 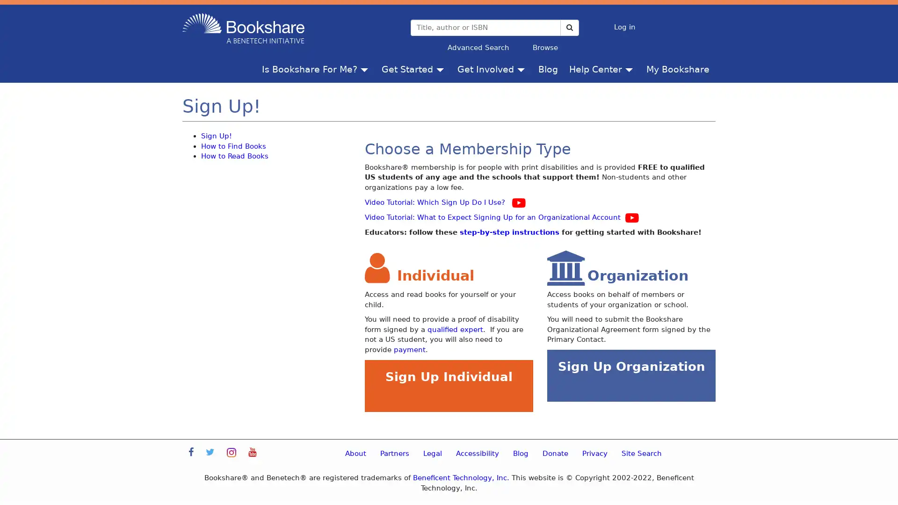 I want to click on Is Bookshare For Me? menu, so click(x=366, y=68).